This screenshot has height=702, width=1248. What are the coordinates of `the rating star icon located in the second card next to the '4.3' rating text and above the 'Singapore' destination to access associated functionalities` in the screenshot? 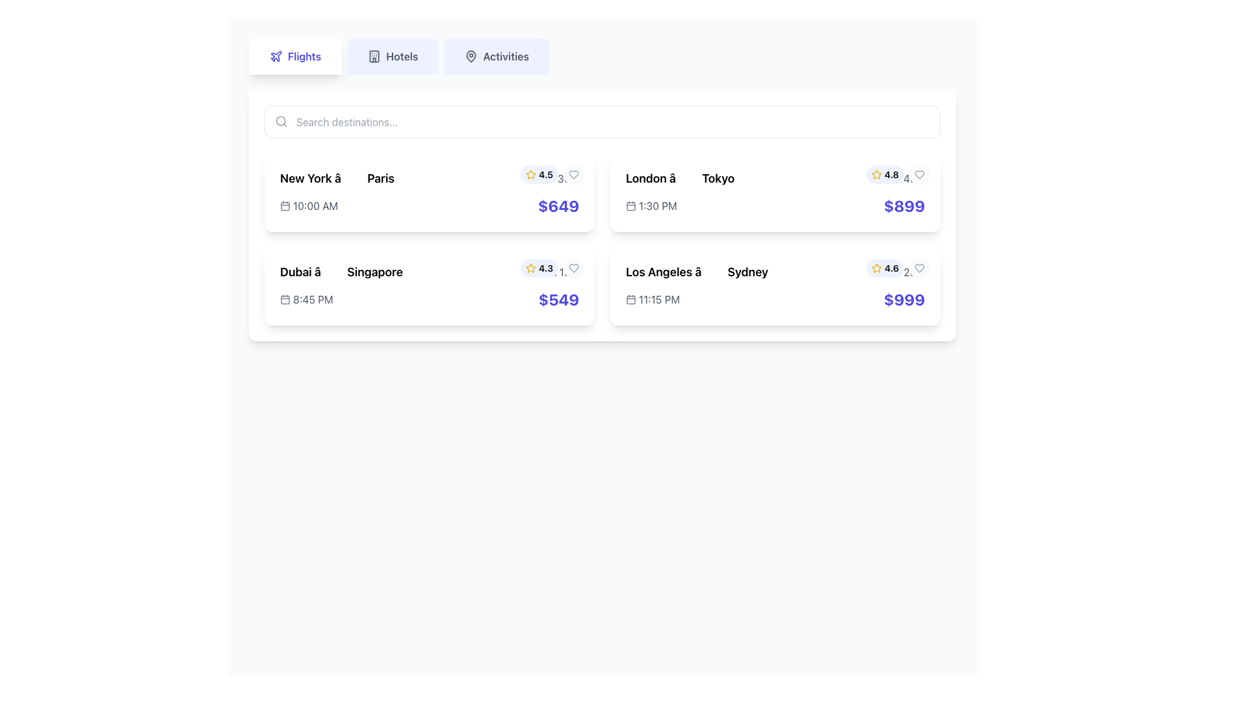 It's located at (530, 173).